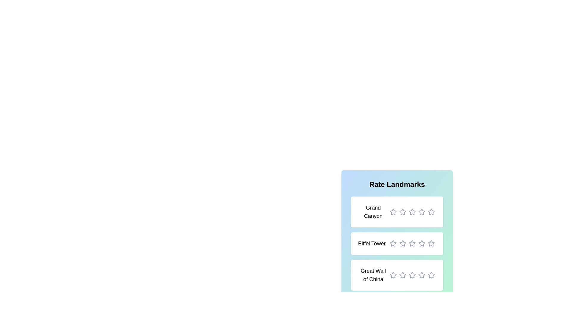  What do you see at coordinates (373, 211) in the screenshot?
I see `the text of Grand Canyon to select it` at bounding box center [373, 211].